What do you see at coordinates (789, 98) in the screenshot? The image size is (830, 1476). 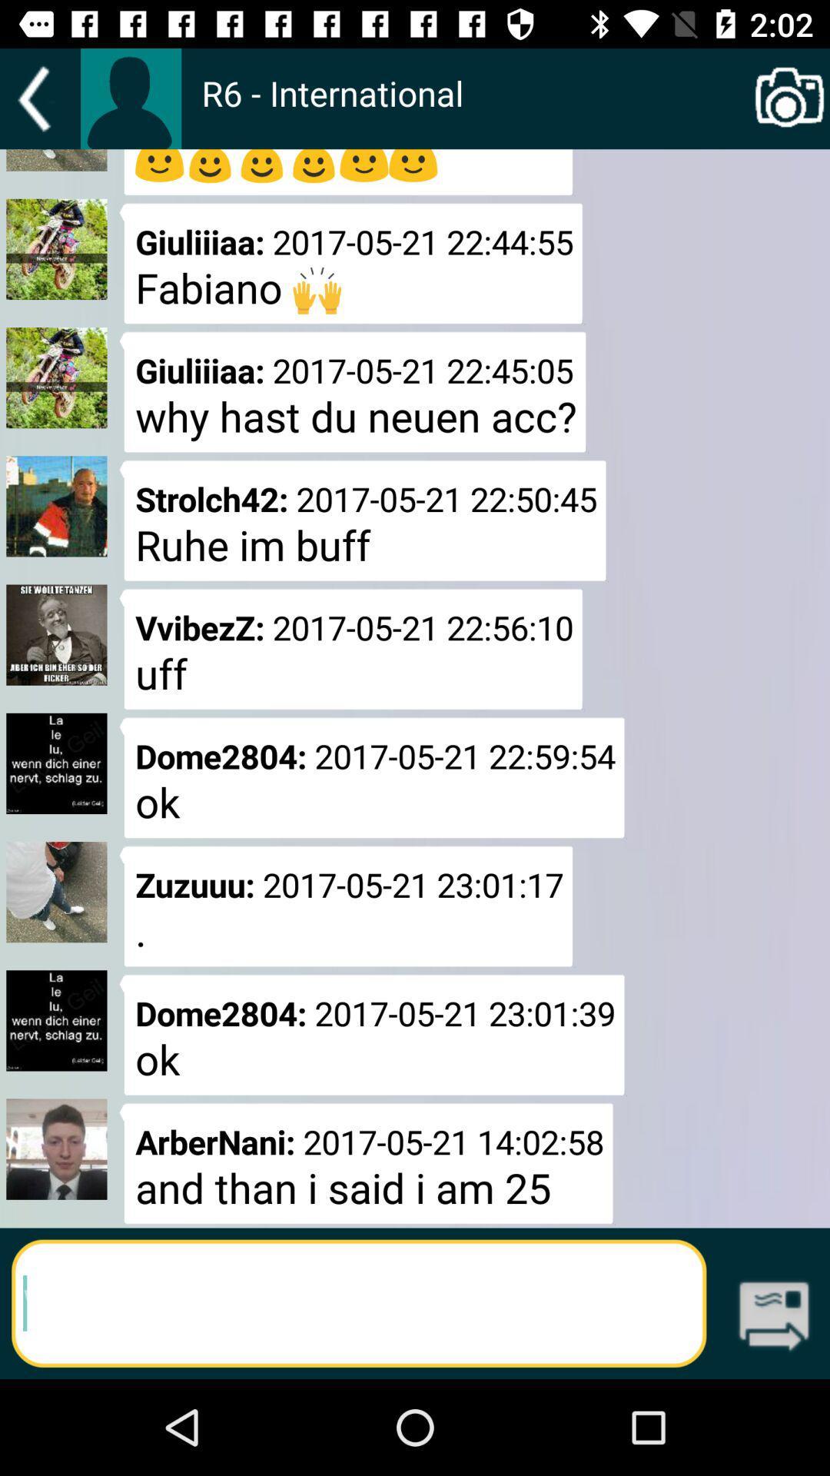 I see `take a picture` at bounding box center [789, 98].